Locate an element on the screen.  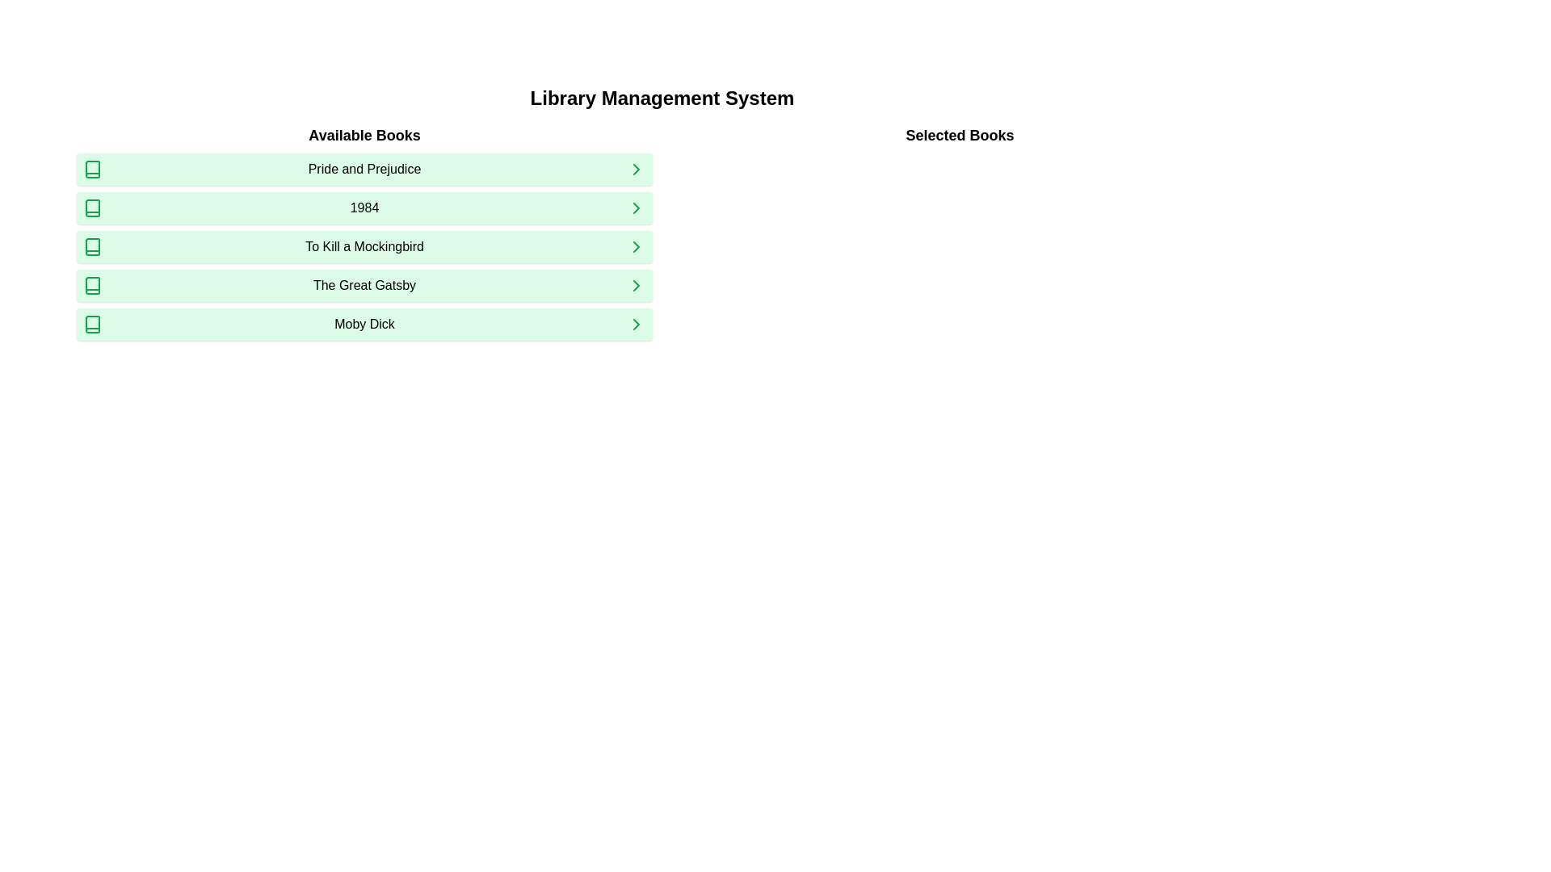
the rightward arrow icon in the 'Available Books' section, which indicates navigation or selection for the 'To Kill a Mockingbird' book entry is located at coordinates (635, 246).